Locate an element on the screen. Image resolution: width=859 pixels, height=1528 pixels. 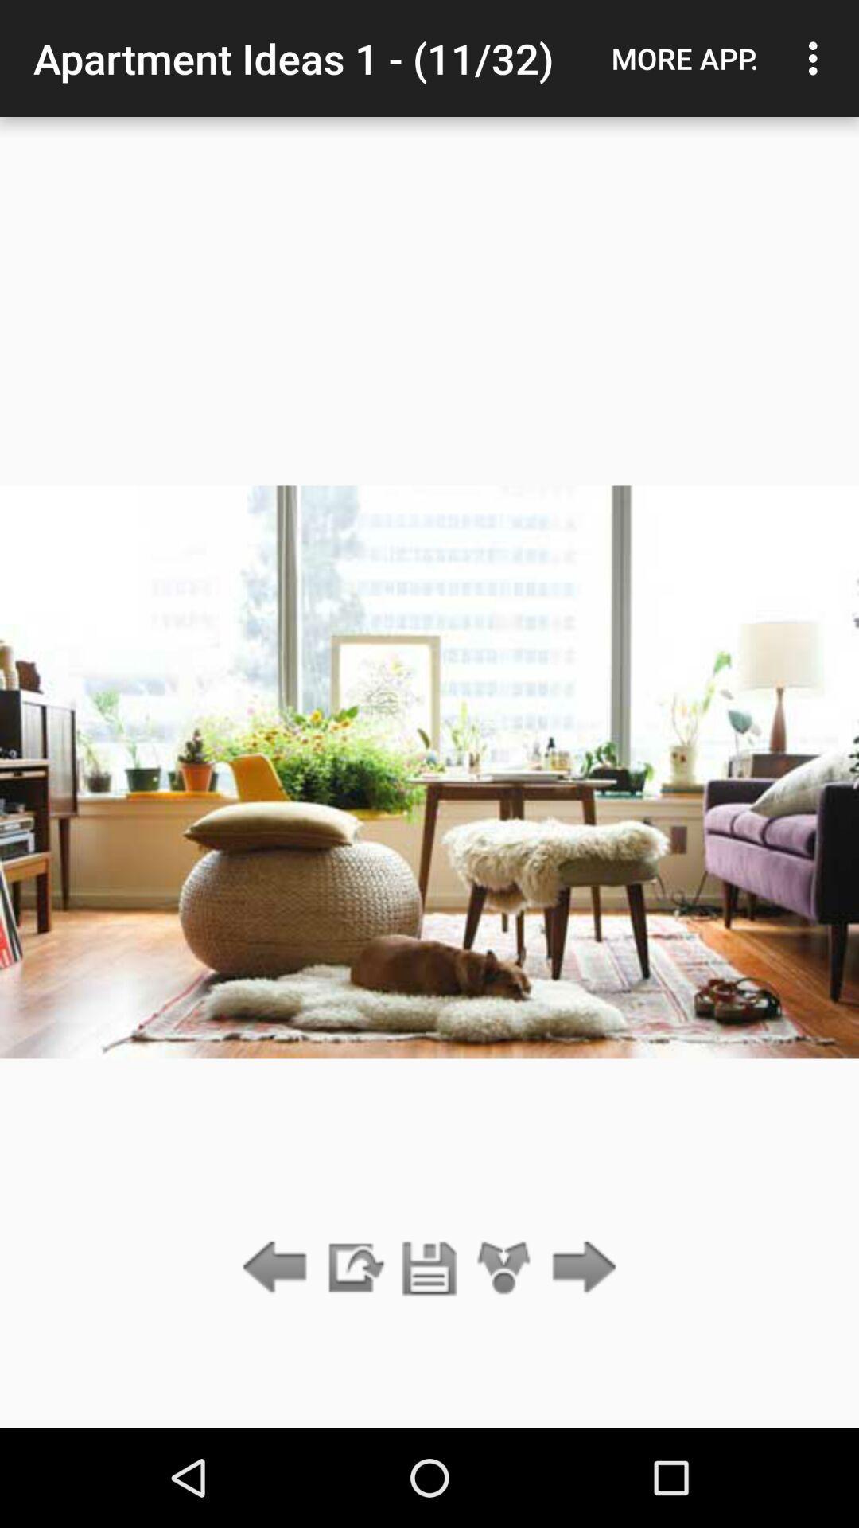
the icon below apartment ideas 1 item is located at coordinates (353, 1268).